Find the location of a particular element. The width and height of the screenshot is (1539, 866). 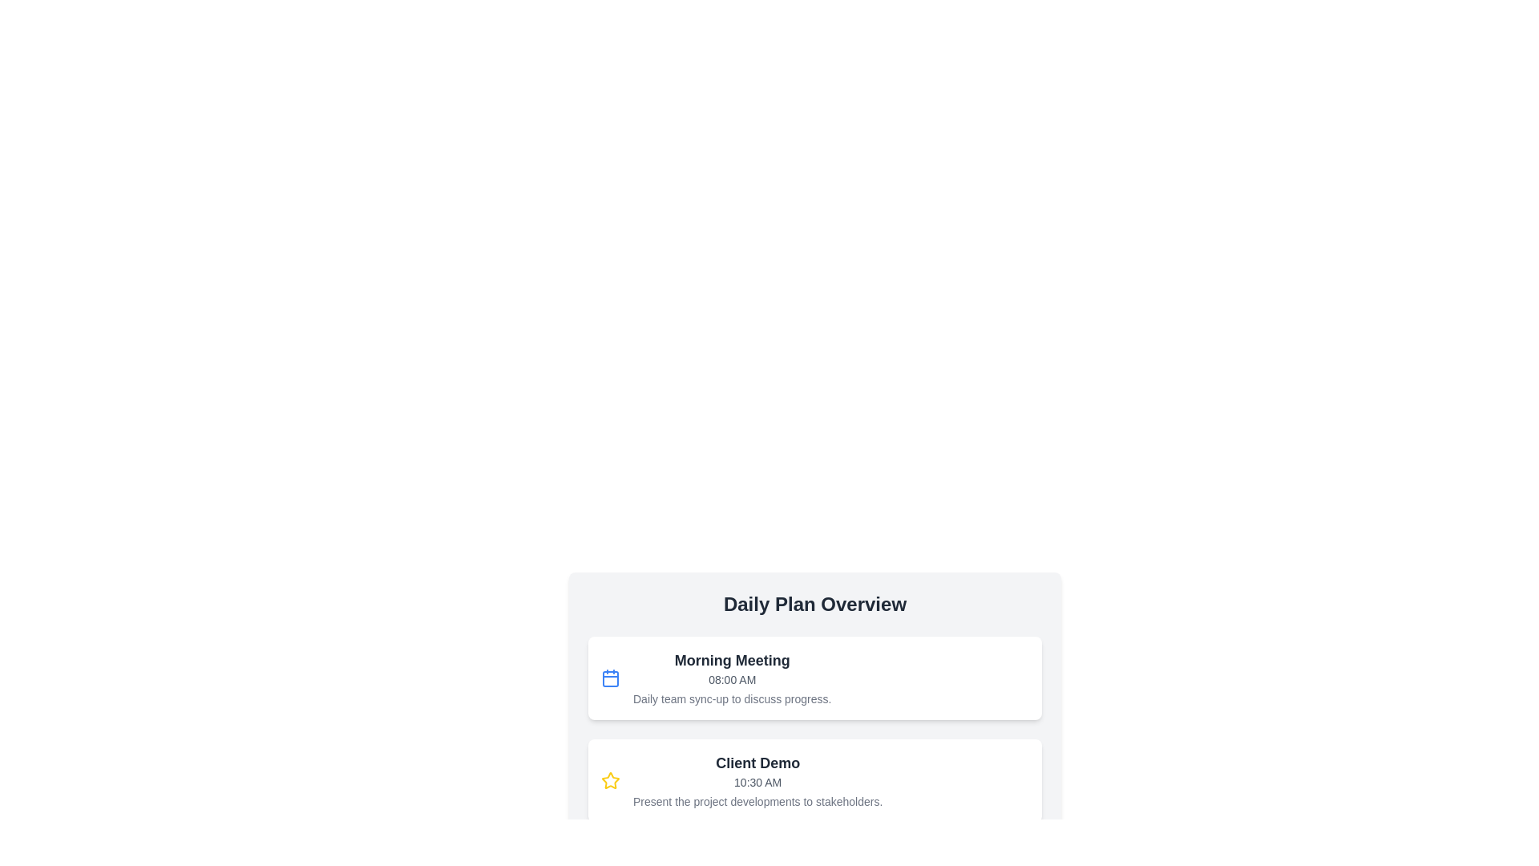

the event is located at coordinates (815, 678).